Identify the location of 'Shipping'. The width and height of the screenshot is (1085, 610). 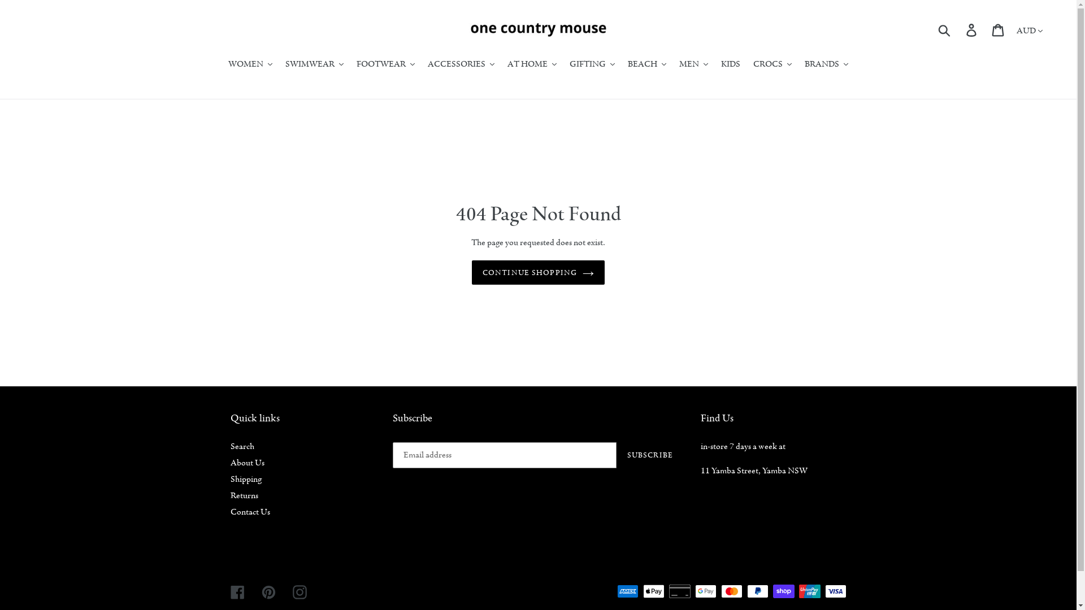
(245, 479).